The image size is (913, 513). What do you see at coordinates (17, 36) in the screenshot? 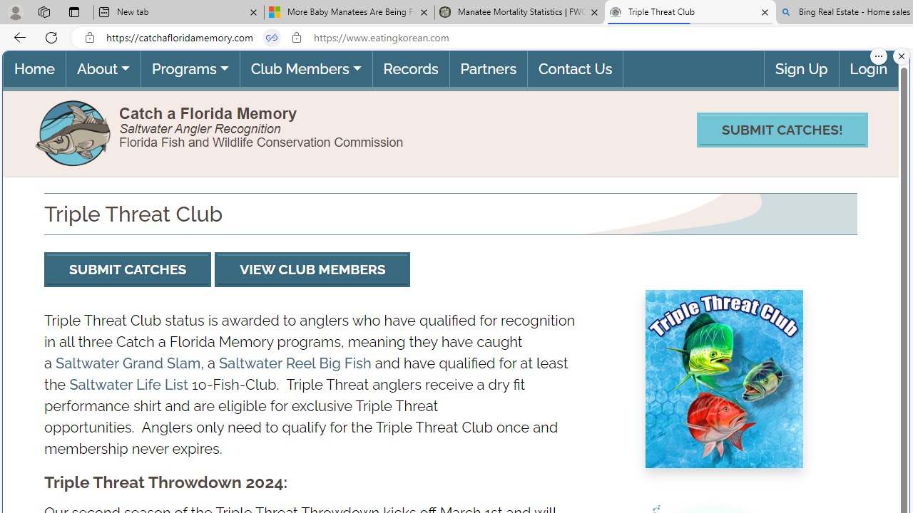
I see `'Back'` at bounding box center [17, 36].